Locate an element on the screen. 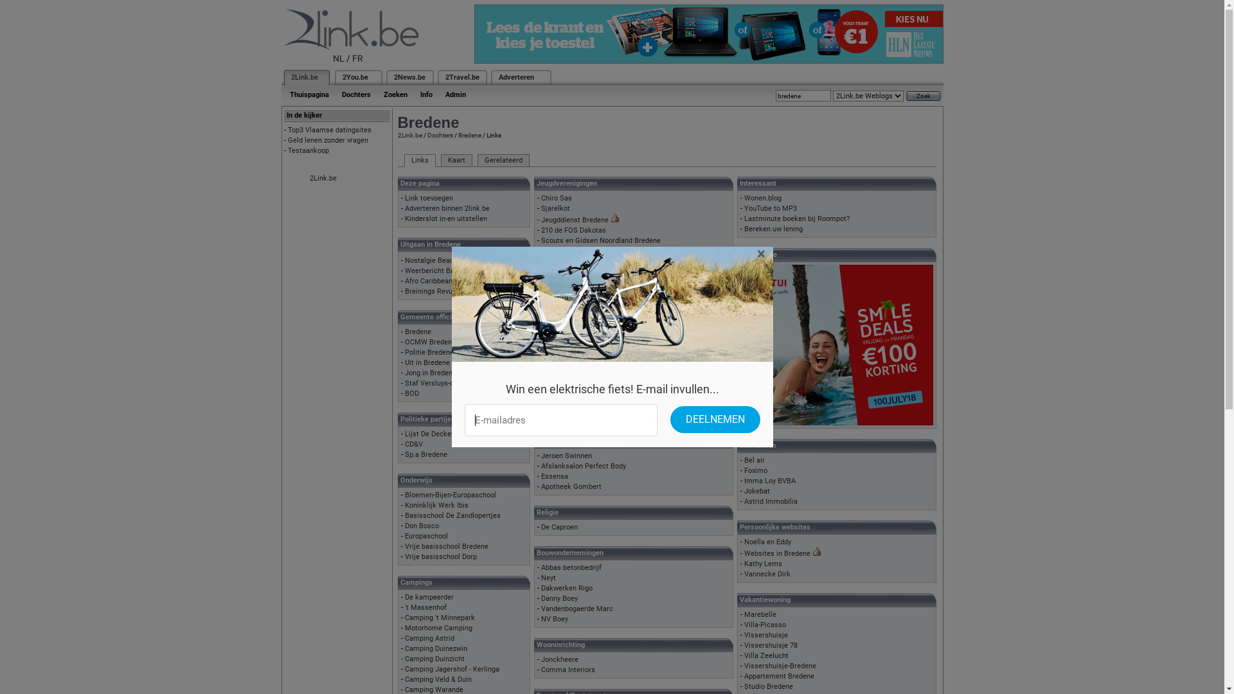 The height and width of the screenshot is (694, 1234). 'Staf Versluys-centrum' is located at coordinates (404, 382).